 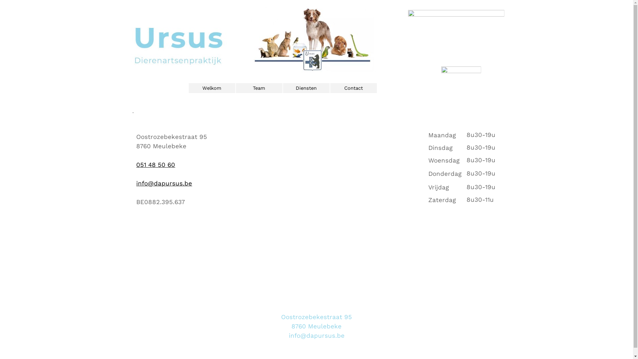 I want to click on 'Diensten', so click(x=306, y=88).